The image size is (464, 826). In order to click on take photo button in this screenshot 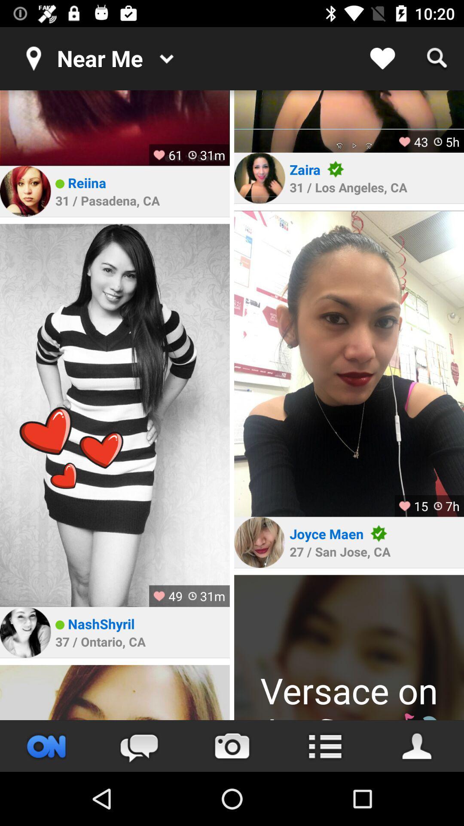, I will do `click(232, 746)`.